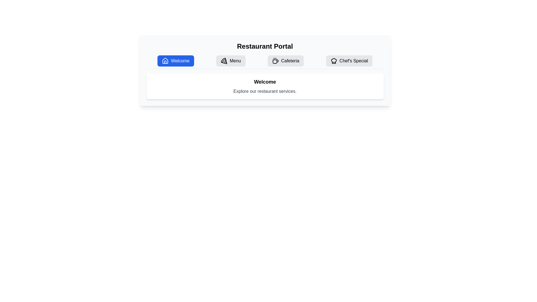  Describe the element at coordinates (175, 61) in the screenshot. I see `the first button in the horizontal navigation menu below 'Restaurant Portal' for keyboard interaction` at that location.